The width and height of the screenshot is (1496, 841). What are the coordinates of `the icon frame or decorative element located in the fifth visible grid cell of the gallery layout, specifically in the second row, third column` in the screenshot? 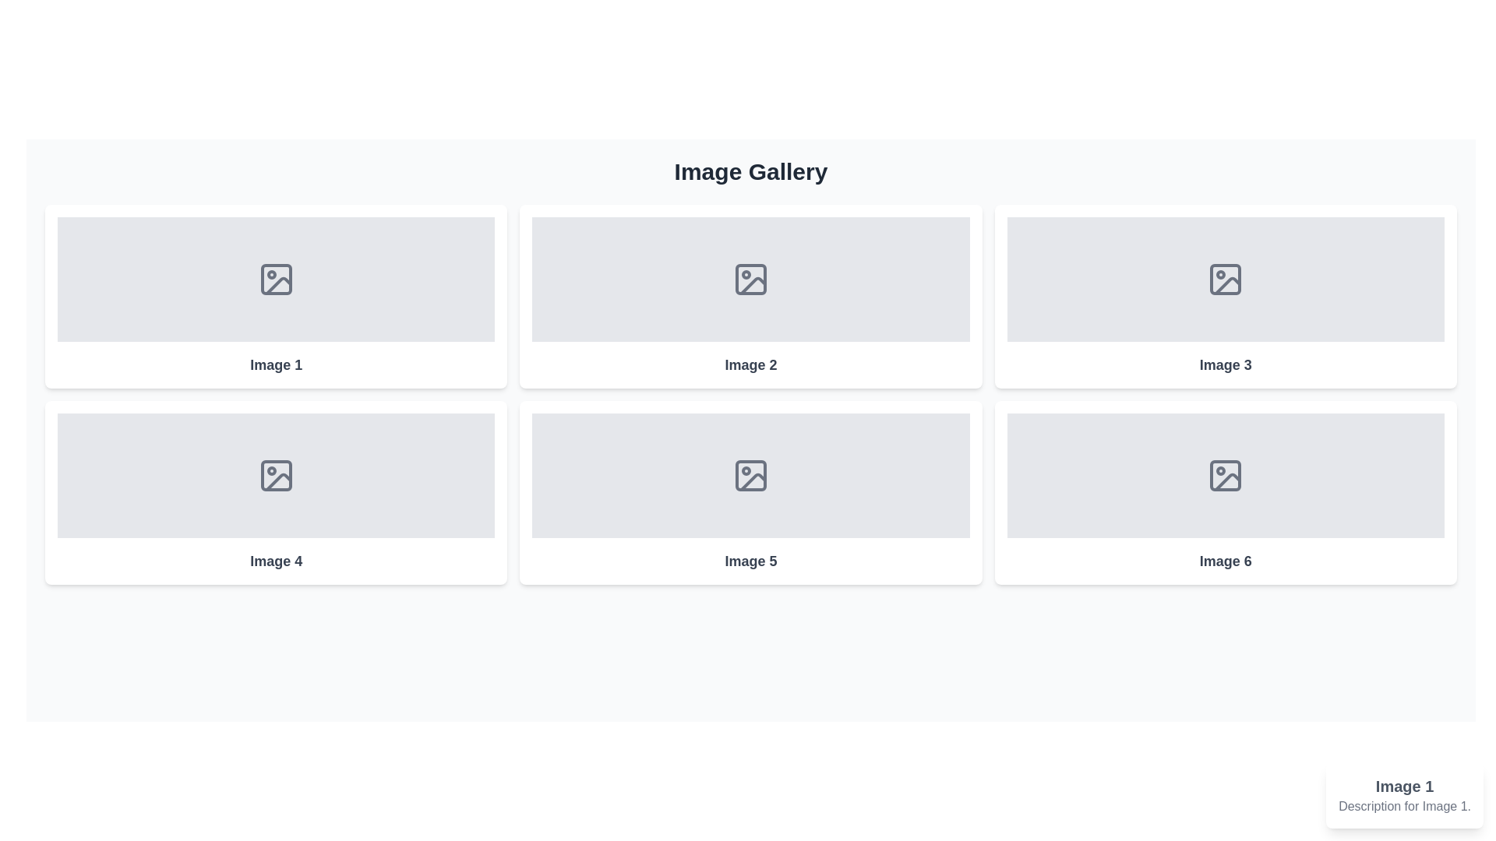 It's located at (751, 474).